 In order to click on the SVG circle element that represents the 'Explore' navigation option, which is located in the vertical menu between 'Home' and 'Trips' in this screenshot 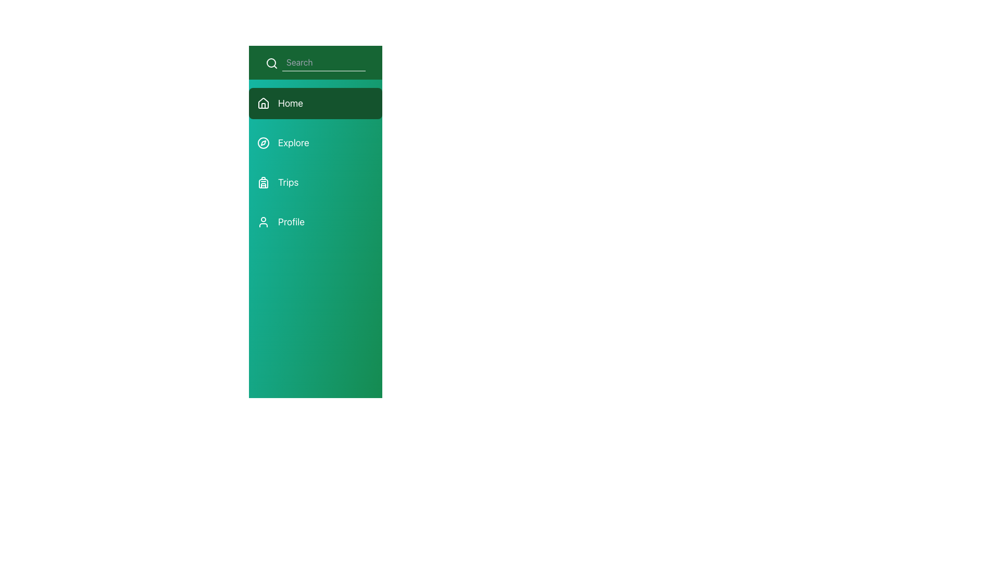, I will do `click(263, 143)`.